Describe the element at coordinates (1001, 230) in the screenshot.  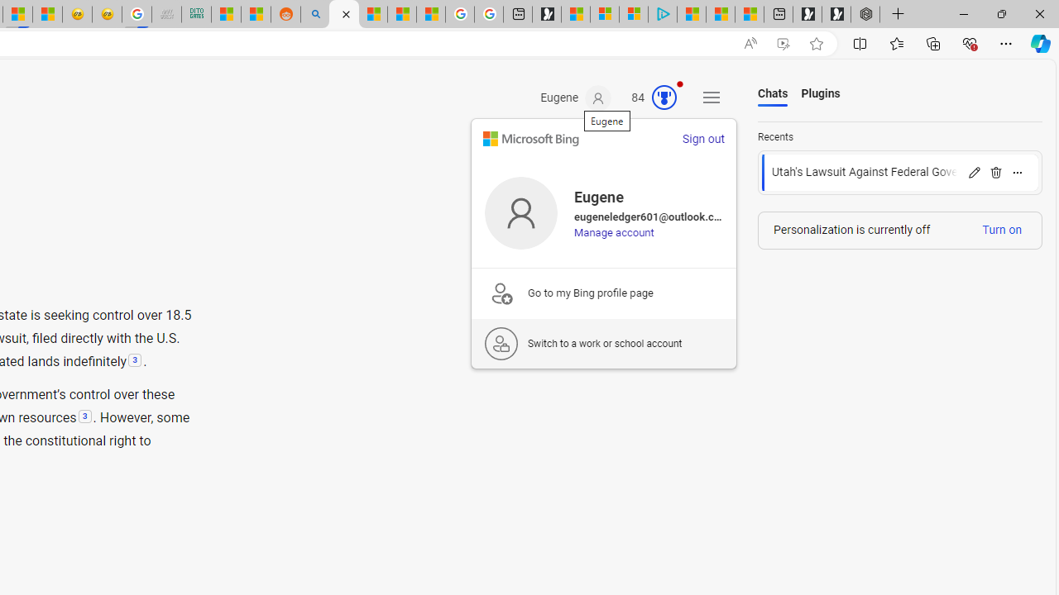
I see `'Turn on'` at that location.